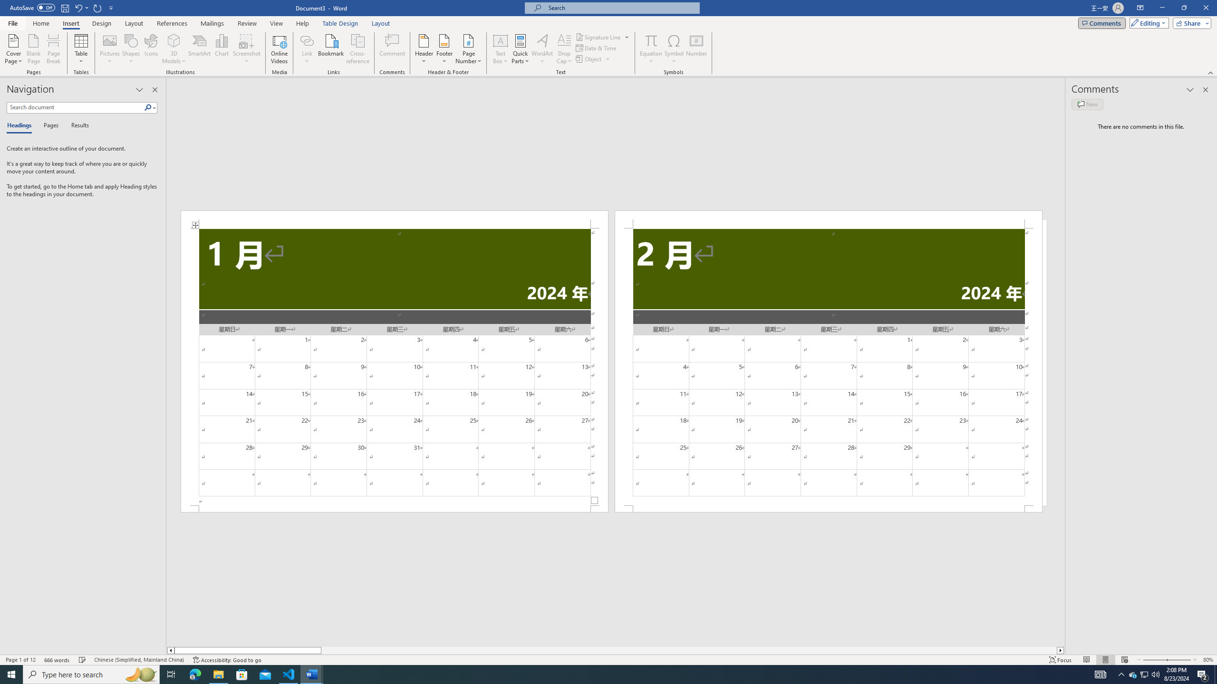 Image resolution: width=1217 pixels, height=684 pixels. What do you see at coordinates (597, 47) in the screenshot?
I see `'Date & Time...'` at bounding box center [597, 47].